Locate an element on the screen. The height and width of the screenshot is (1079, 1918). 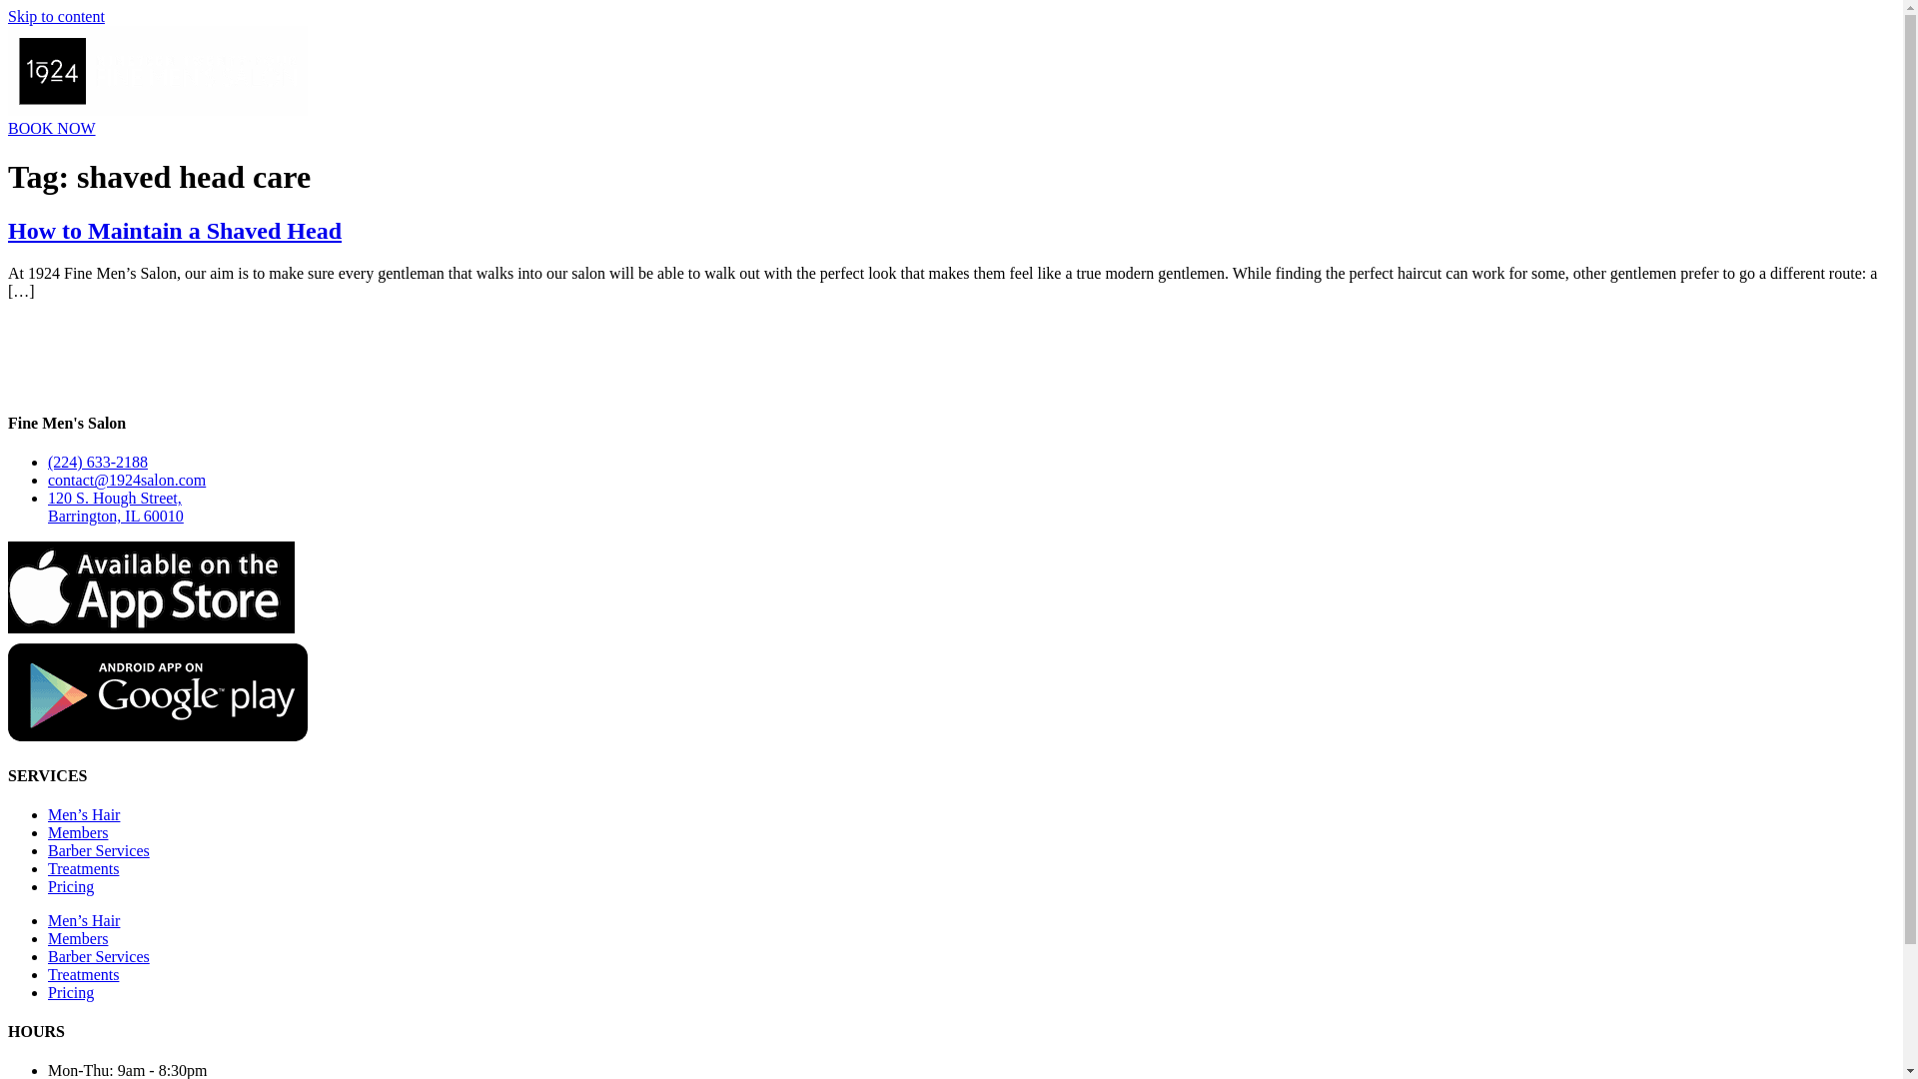
'Barber Services' is located at coordinates (98, 955).